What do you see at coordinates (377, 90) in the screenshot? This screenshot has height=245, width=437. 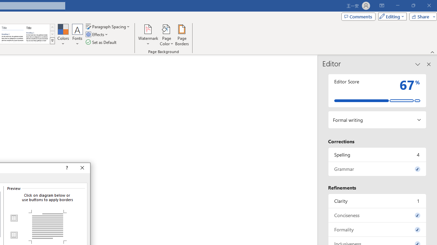 I see `'Editor Score 67%'` at bounding box center [377, 90].